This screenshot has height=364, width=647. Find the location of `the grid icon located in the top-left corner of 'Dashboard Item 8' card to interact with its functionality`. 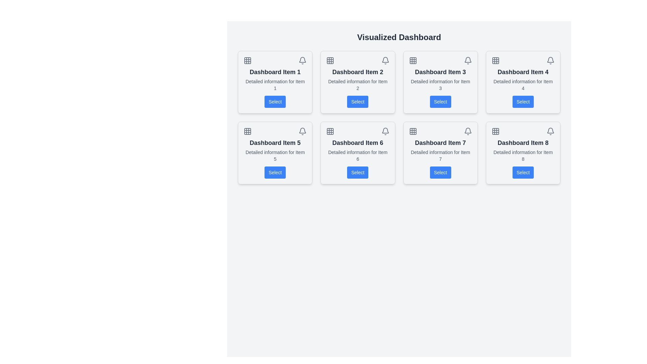

the grid icon located in the top-left corner of 'Dashboard Item 8' card to interact with its functionality is located at coordinates (495, 131).